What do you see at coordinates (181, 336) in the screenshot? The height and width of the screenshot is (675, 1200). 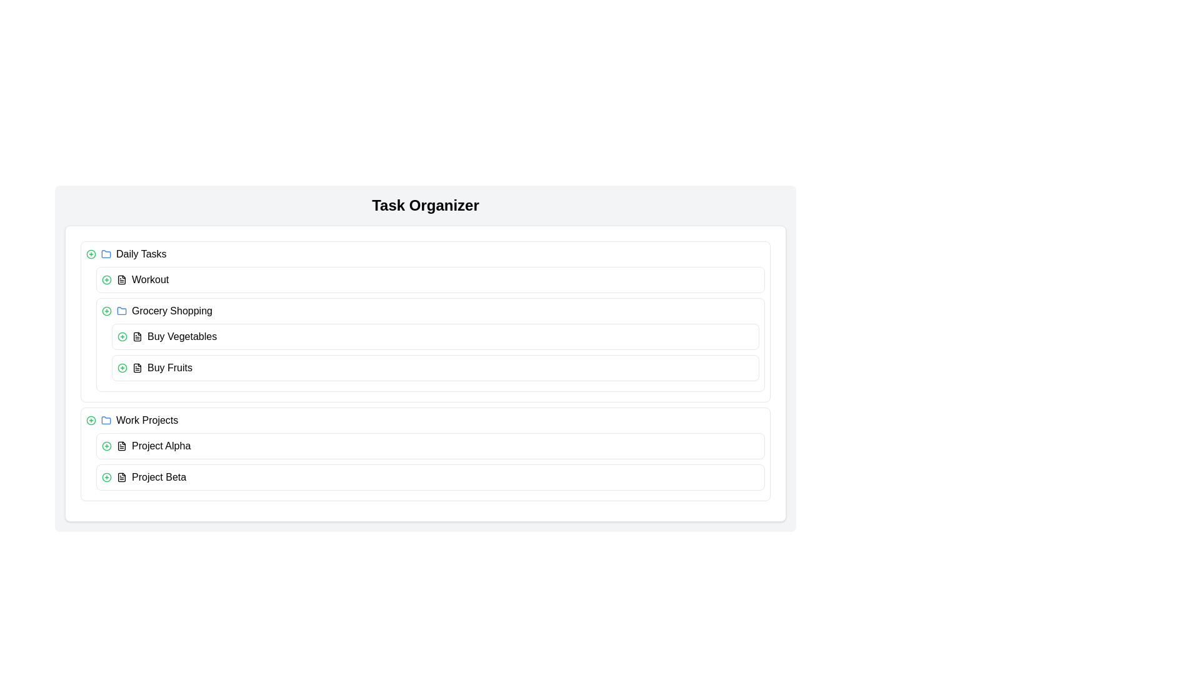 I see `the text label 'Buy Vegetables' located under the 'Grocery Shopping' section in the task-organizer interface` at bounding box center [181, 336].